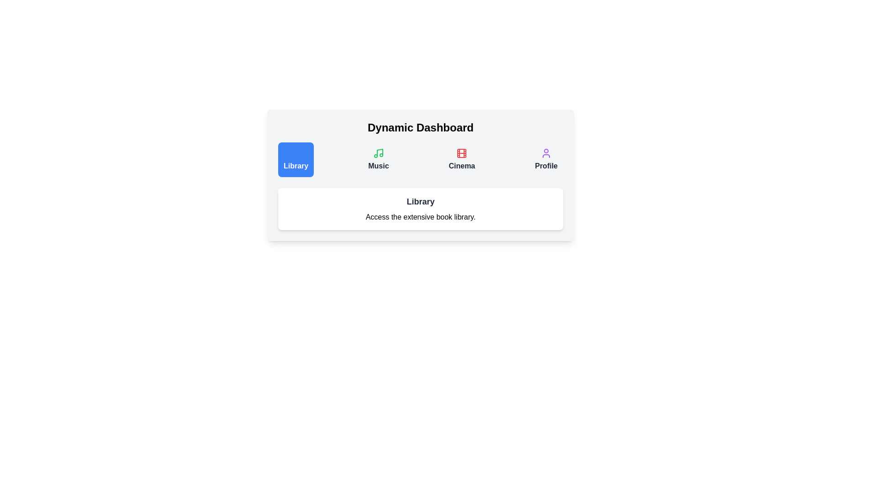 The width and height of the screenshot is (877, 493). I want to click on the tab labeled Profile to view its description, so click(546, 159).